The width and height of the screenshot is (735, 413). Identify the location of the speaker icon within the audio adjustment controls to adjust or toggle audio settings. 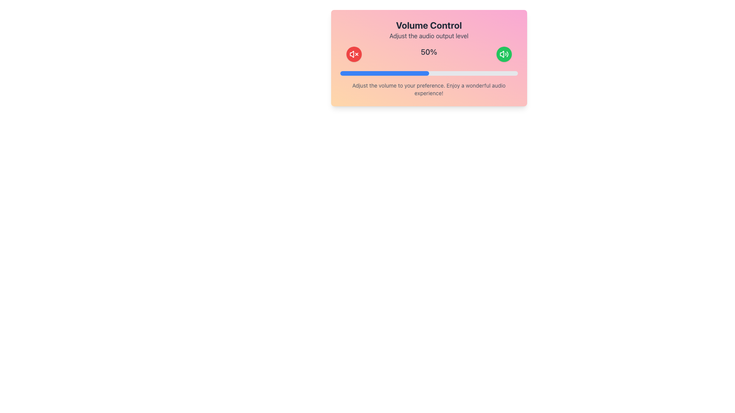
(504, 54).